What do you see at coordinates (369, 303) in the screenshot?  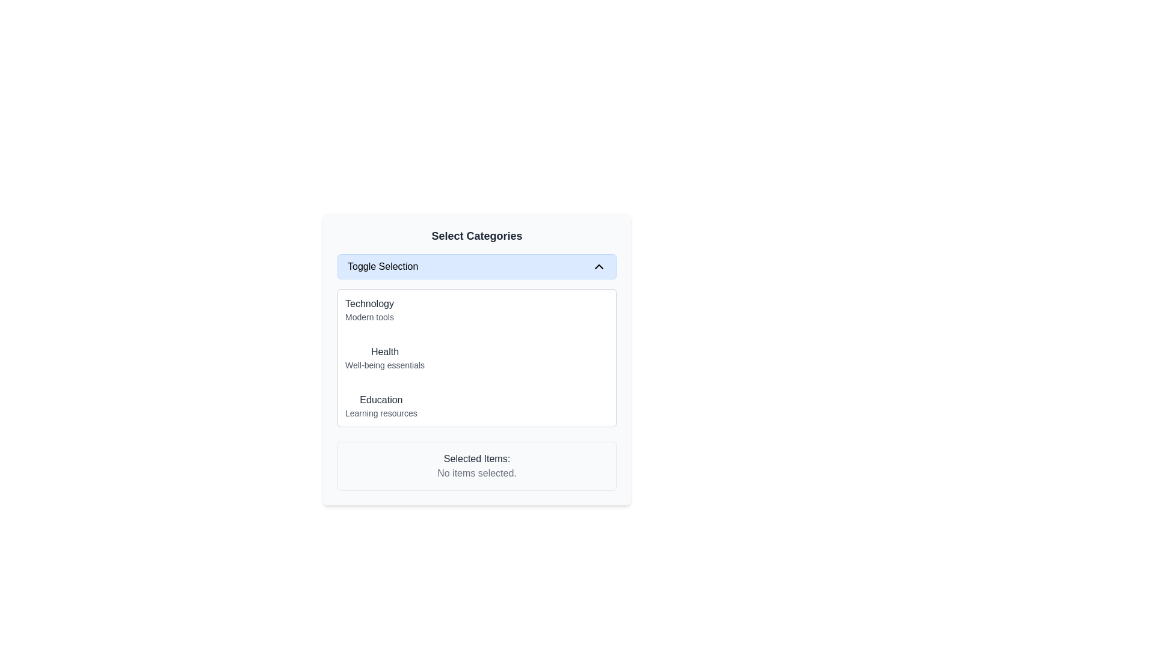 I see `the 'Technology' header text component` at bounding box center [369, 303].